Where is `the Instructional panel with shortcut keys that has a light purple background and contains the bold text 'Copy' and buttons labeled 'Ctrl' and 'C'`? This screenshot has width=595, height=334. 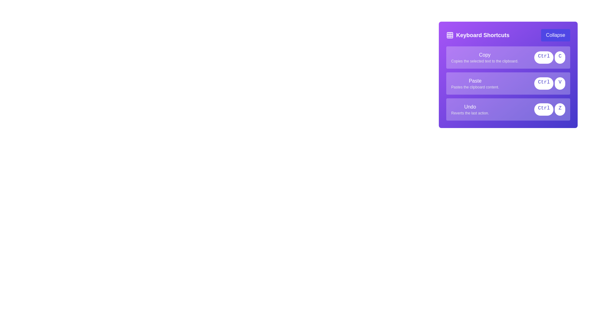 the Instructional panel with shortcut keys that has a light purple background and contains the bold text 'Copy' and buttons labeled 'Ctrl' and 'C' is located at coordinates (508, 57).